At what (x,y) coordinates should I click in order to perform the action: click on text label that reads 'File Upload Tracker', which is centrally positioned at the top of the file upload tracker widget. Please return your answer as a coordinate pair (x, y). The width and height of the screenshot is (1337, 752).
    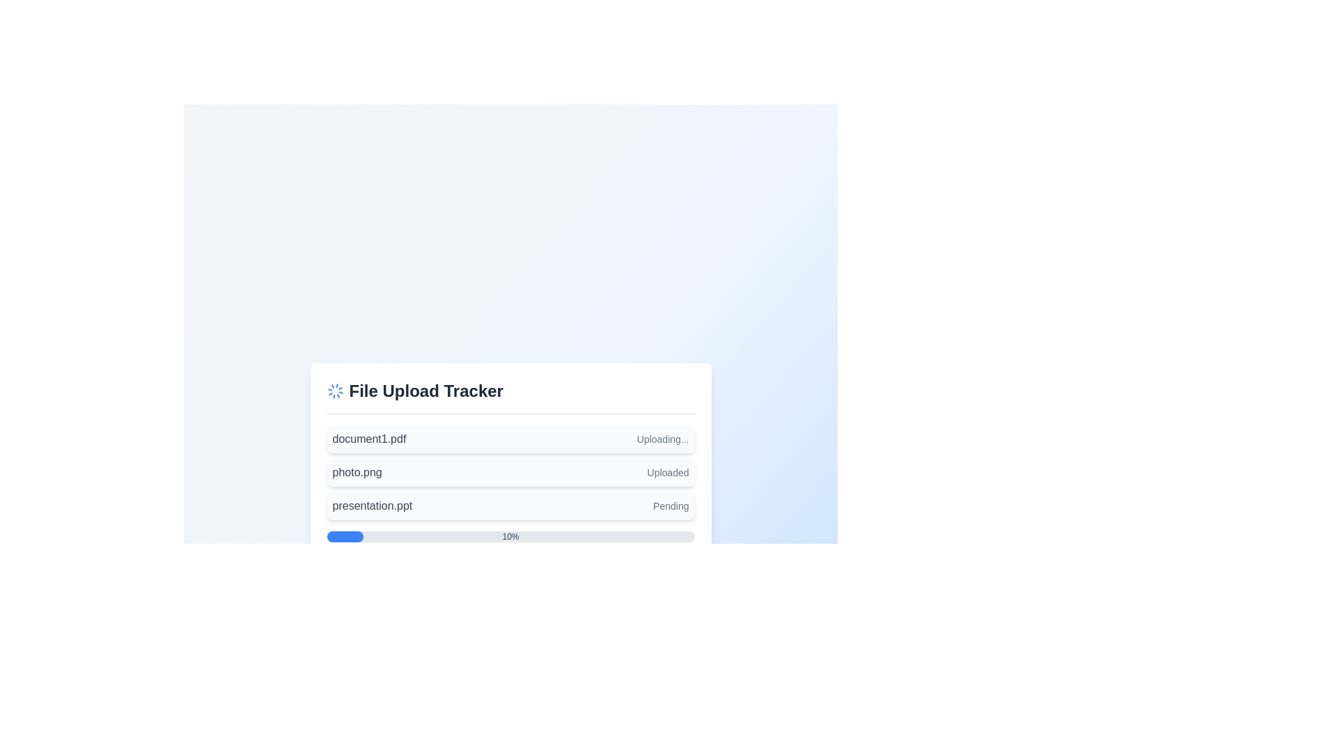
    Looking at the image, I should click on (425, 391).